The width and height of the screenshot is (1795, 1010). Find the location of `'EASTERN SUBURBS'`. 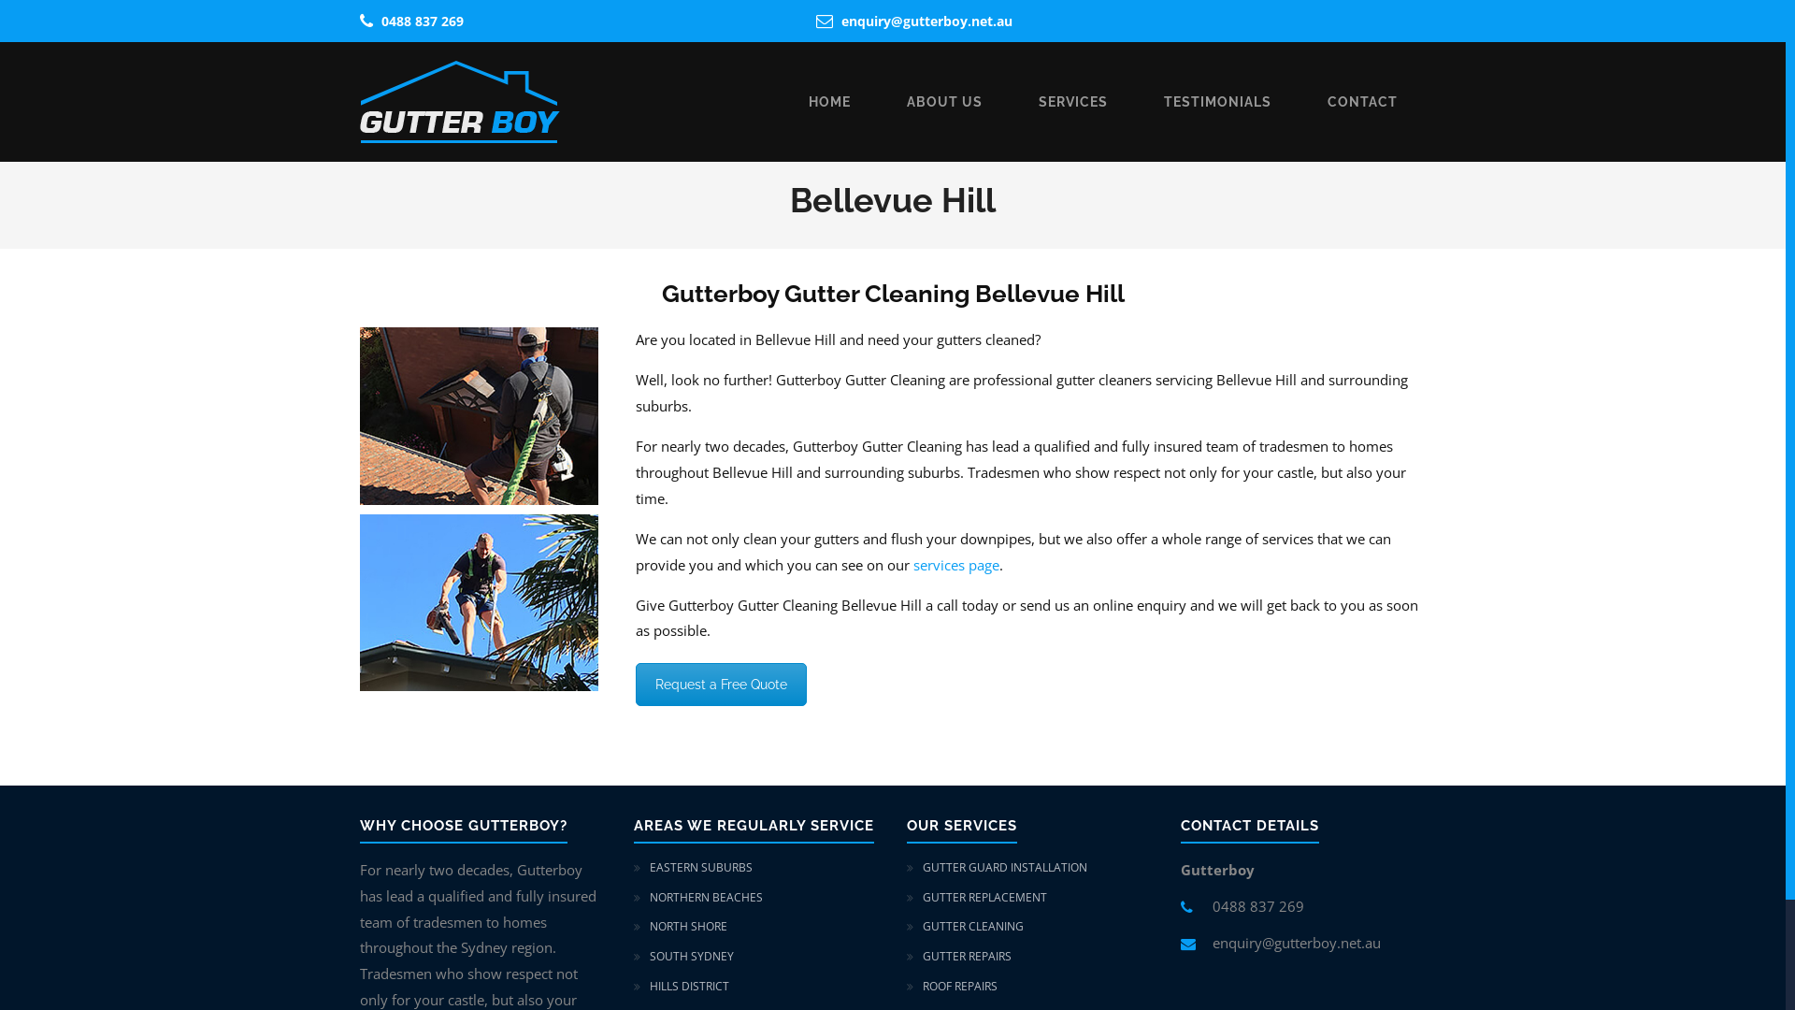

'EASTERN SUBURBS' is located at coordinates (698, 867).